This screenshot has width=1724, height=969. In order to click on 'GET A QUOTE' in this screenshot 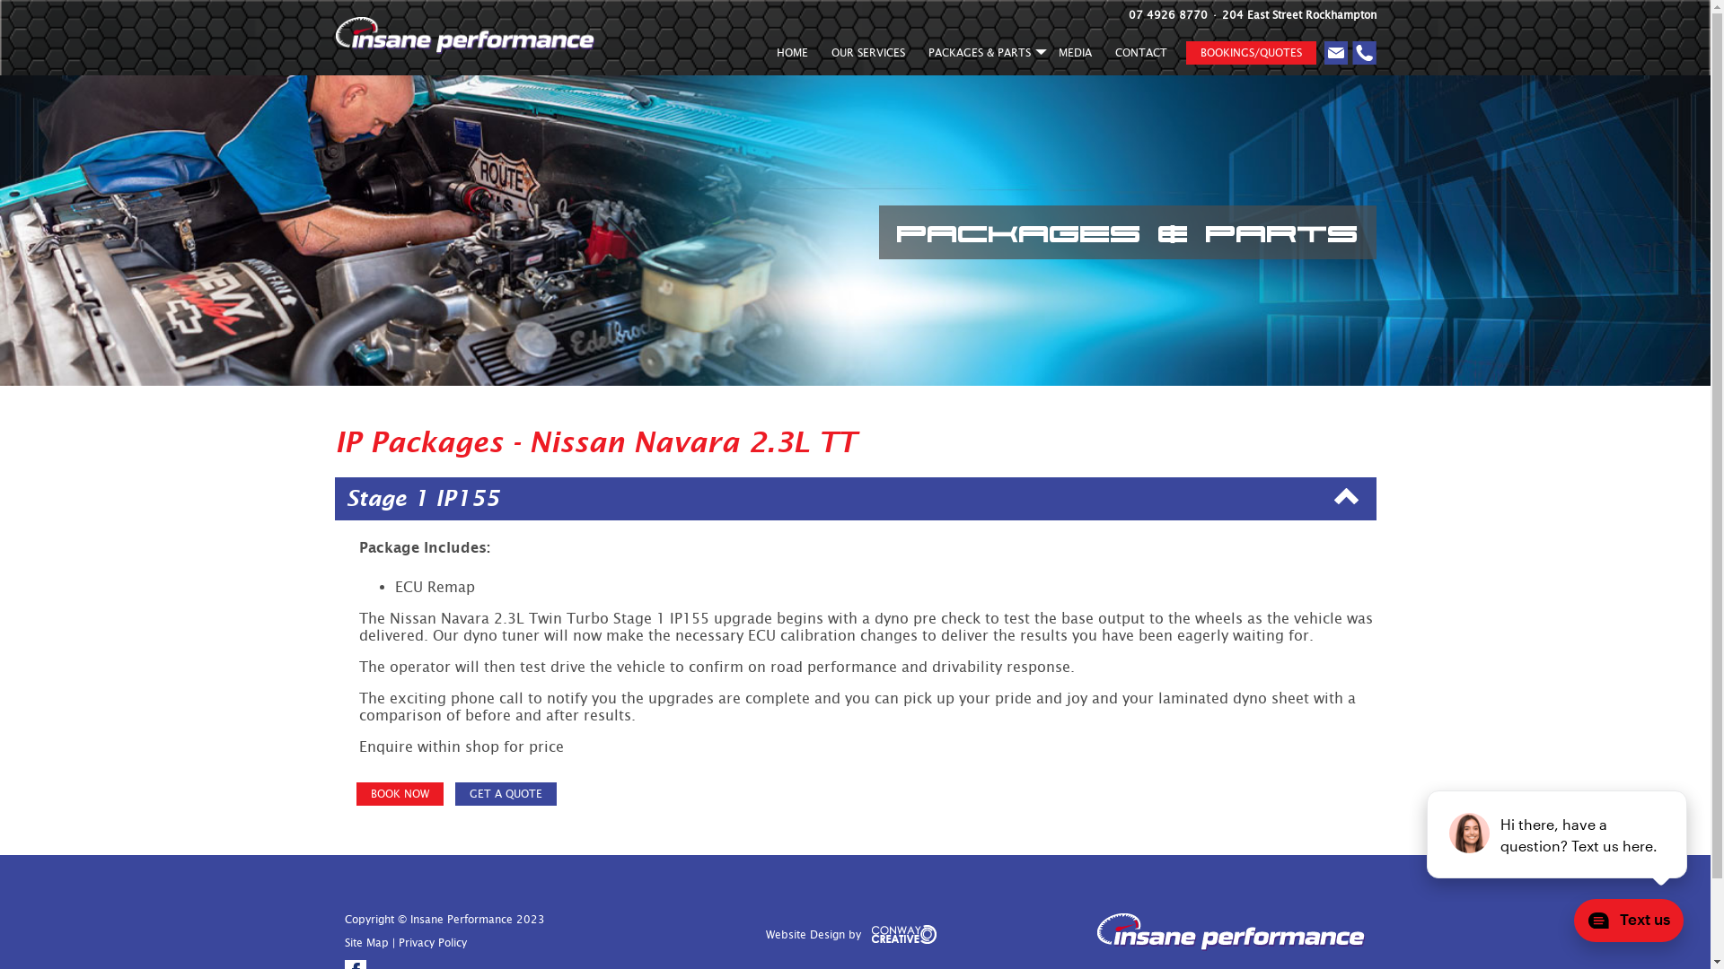, I will do `click(504, 792)`.